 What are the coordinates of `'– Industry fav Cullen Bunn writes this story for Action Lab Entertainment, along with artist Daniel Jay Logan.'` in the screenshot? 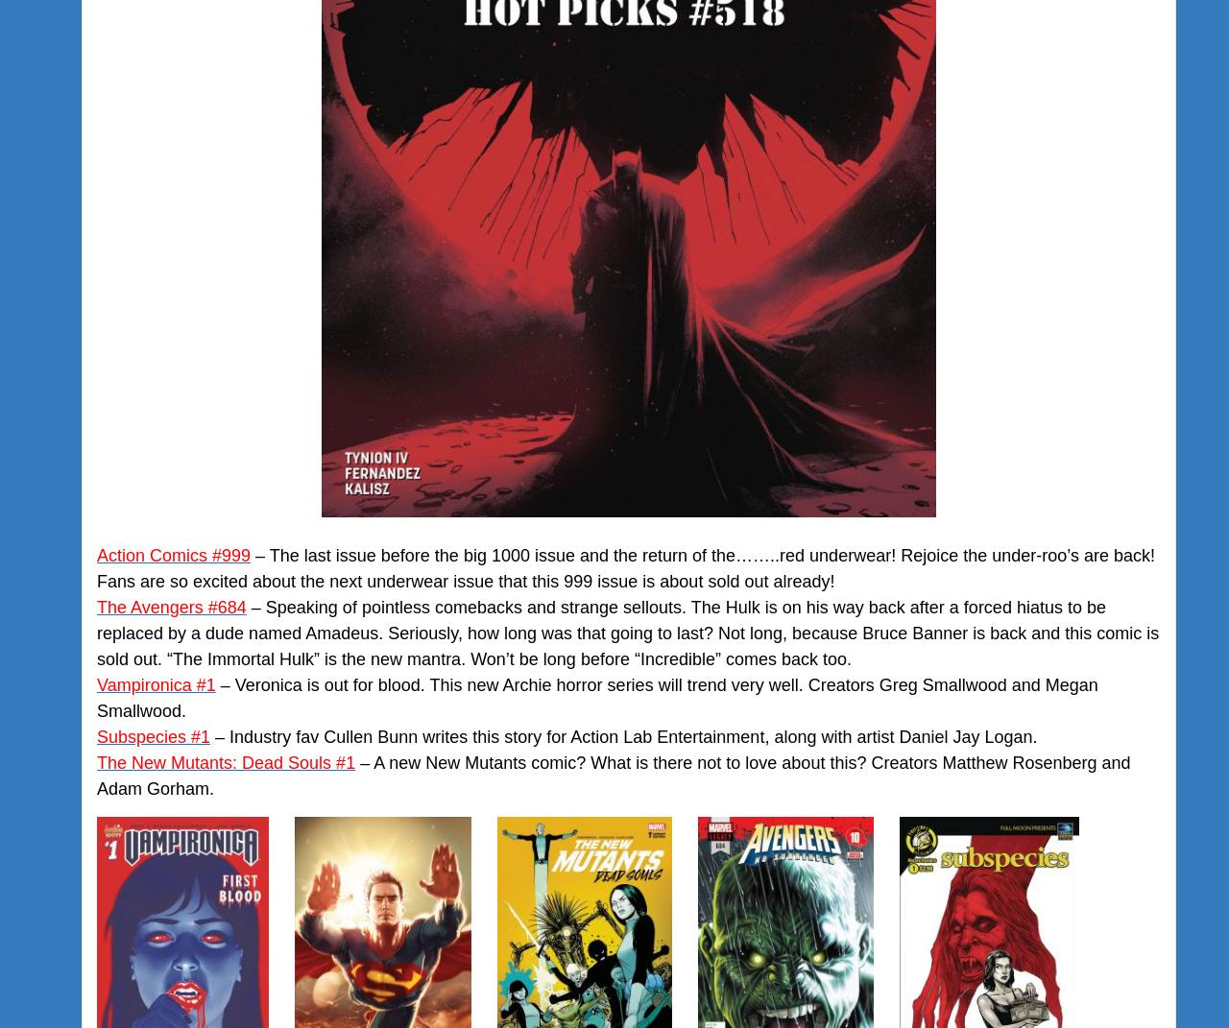 It's located at (623, 736).